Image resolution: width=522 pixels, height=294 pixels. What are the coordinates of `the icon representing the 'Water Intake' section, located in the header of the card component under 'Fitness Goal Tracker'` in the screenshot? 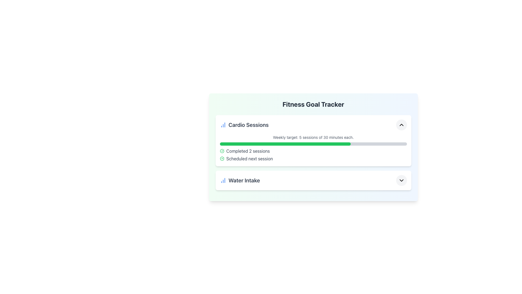 It's located at (223, 180).